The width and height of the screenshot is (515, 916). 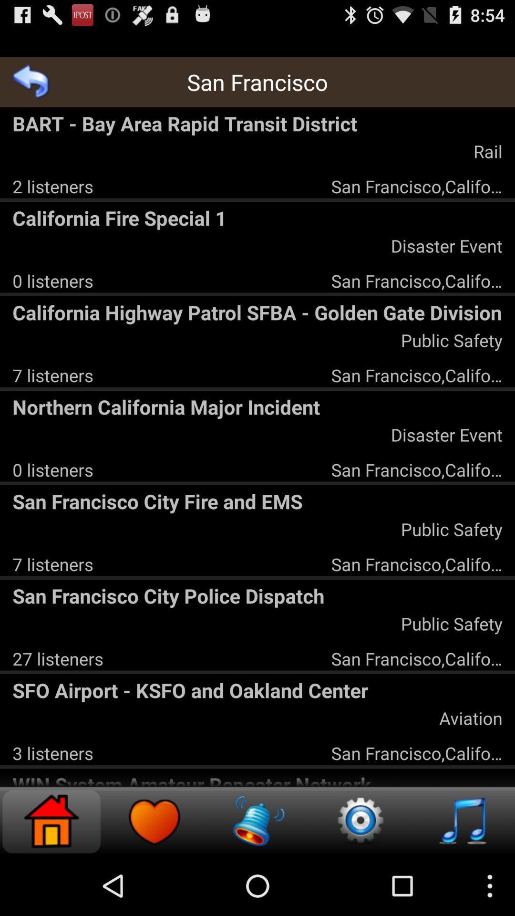 What do you see at coordinates (58, 658) in the screenshot?
I see `the item above the sfo airport ksfo icon` at bounding box center [58, 658].